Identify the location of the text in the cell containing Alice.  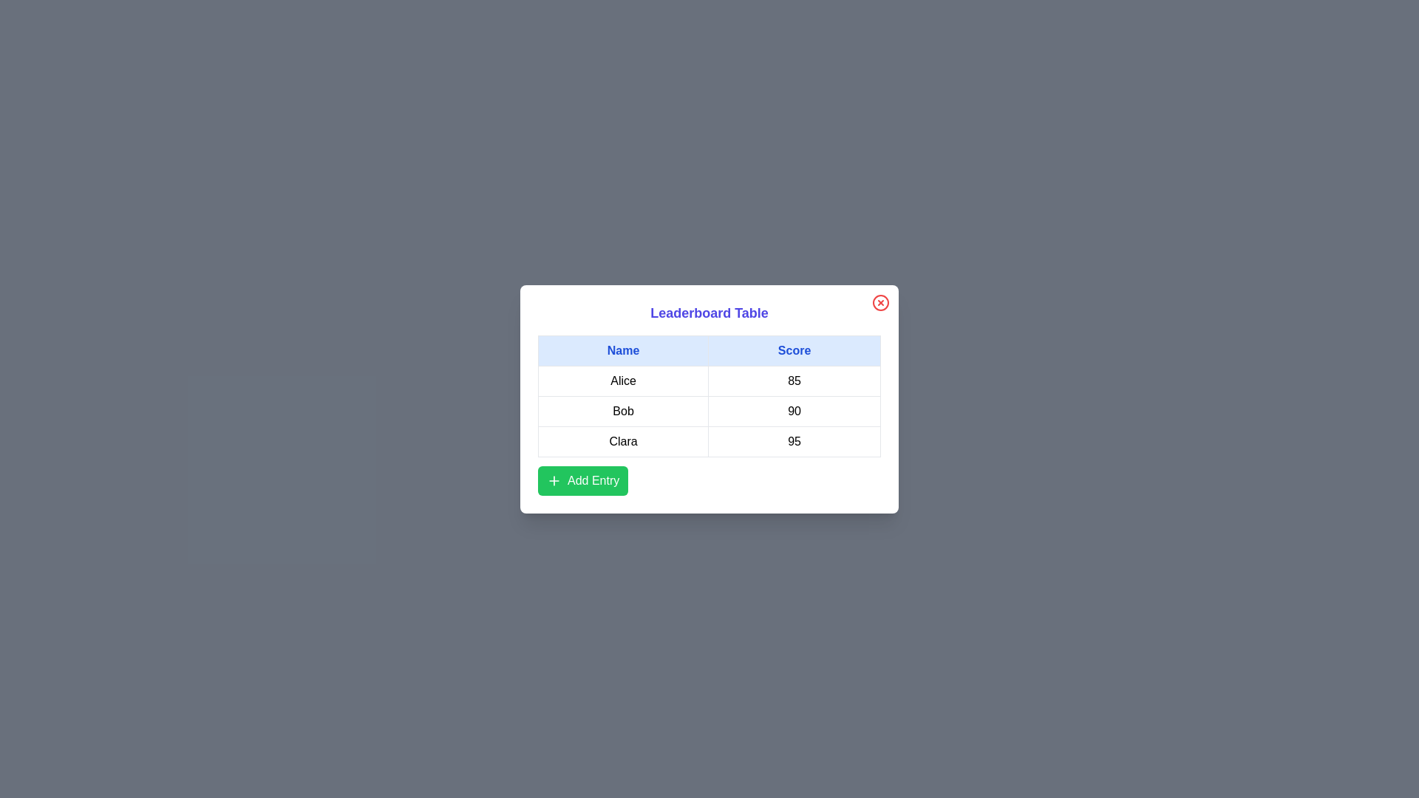
(623, 380).